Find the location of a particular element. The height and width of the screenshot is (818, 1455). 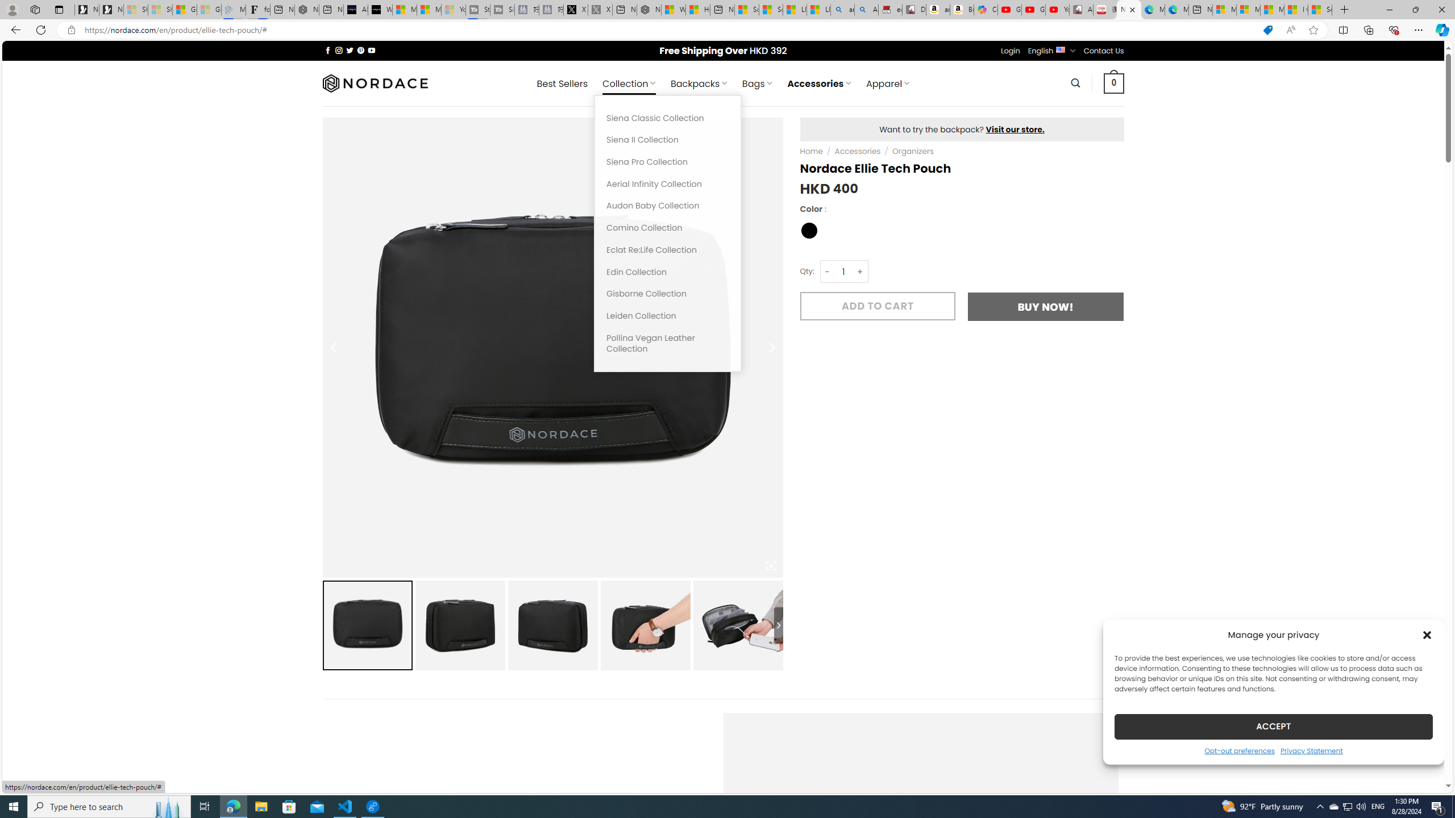

'Search' is located at coordinates (1075, 82).